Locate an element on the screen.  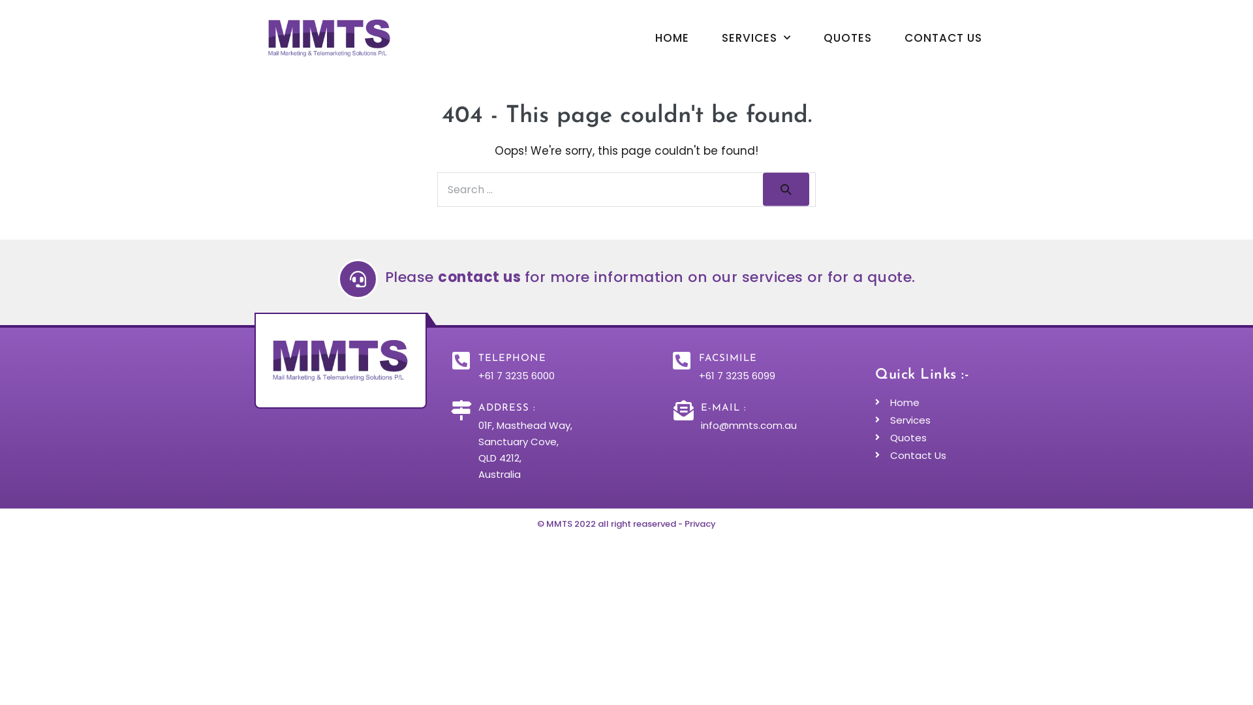
'QUOTES' is located at coordinates (848, 37).